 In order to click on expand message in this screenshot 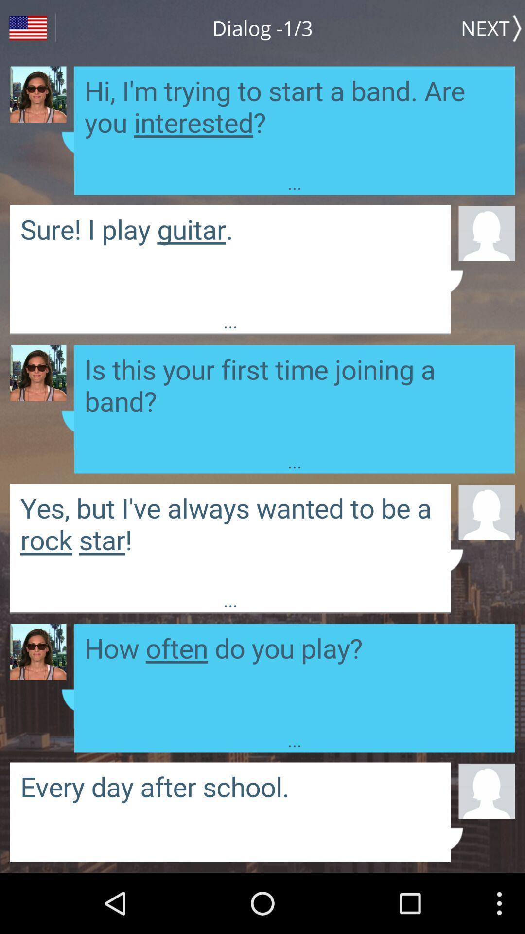, I will do `click(294, 397)`.